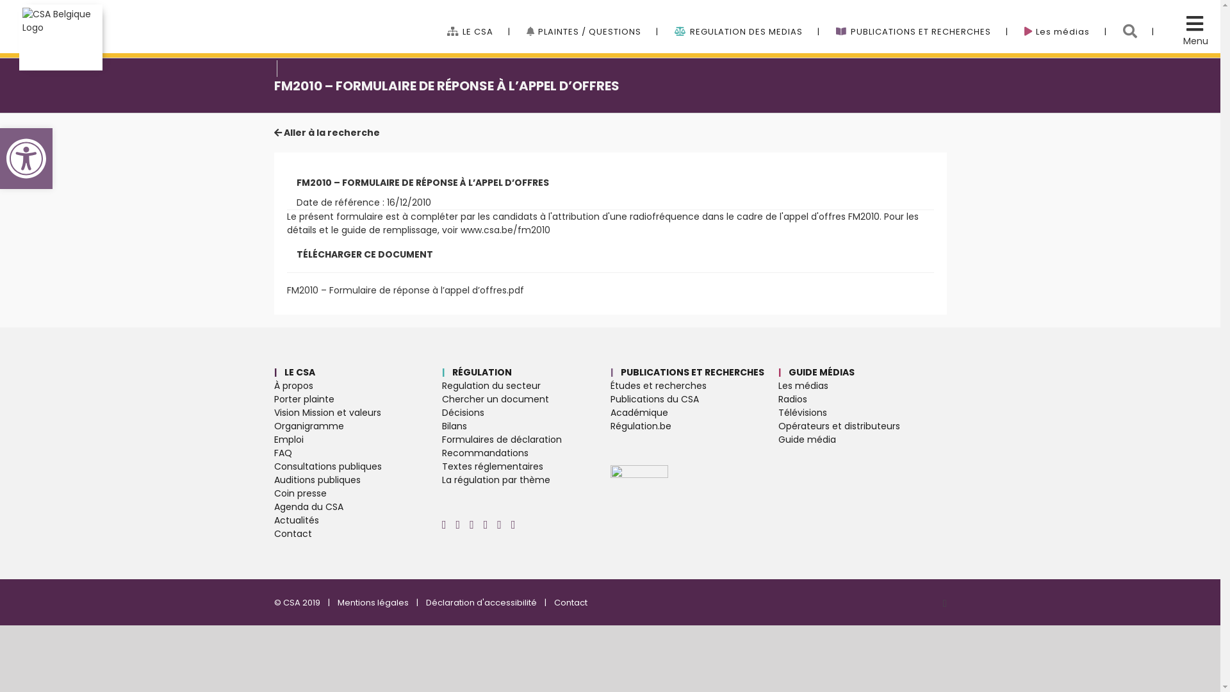 Image resolution: width=1230 pixels, height=692 pixels. What do you see at coordinates (358, 480) in the screenshot?
I see `'Auditions publiques'` at bounding box center [358, 480].